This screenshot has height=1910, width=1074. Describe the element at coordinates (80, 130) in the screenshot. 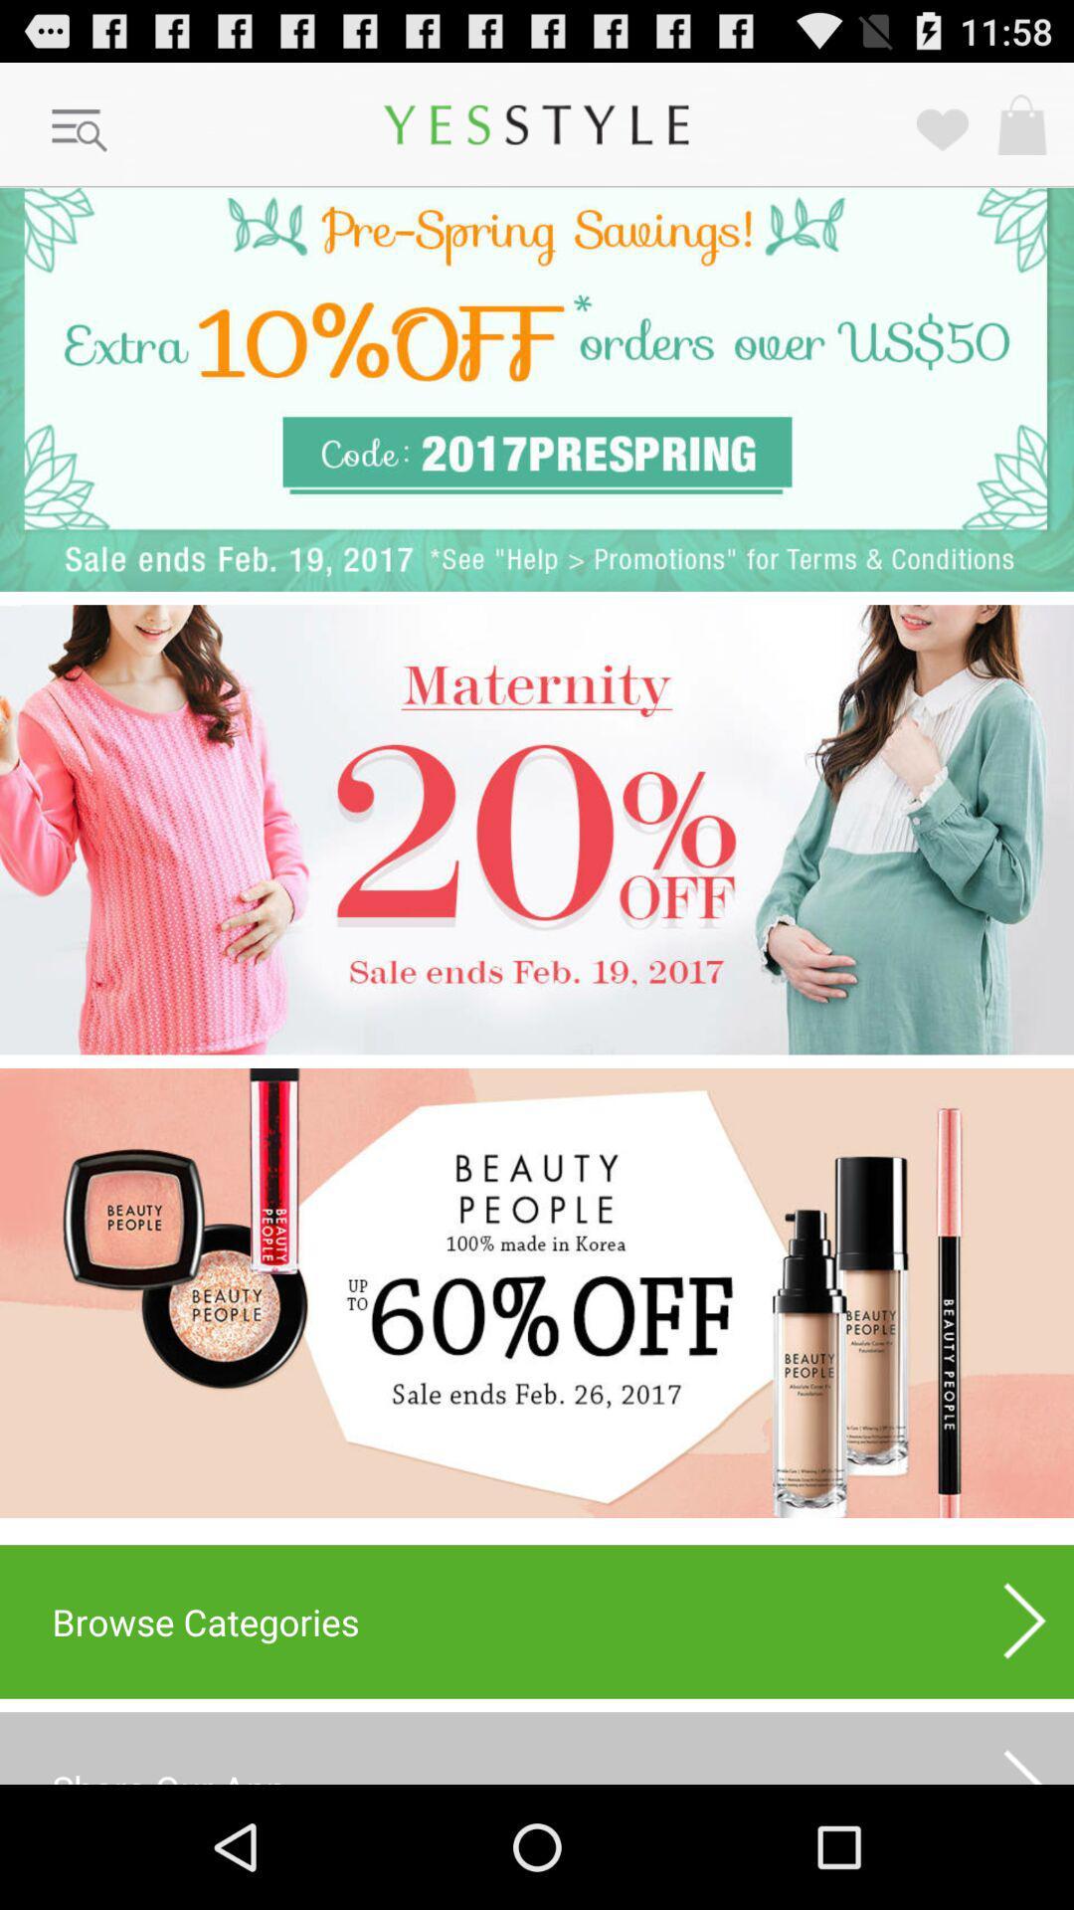

I see `the item at the top left corner` at that location.